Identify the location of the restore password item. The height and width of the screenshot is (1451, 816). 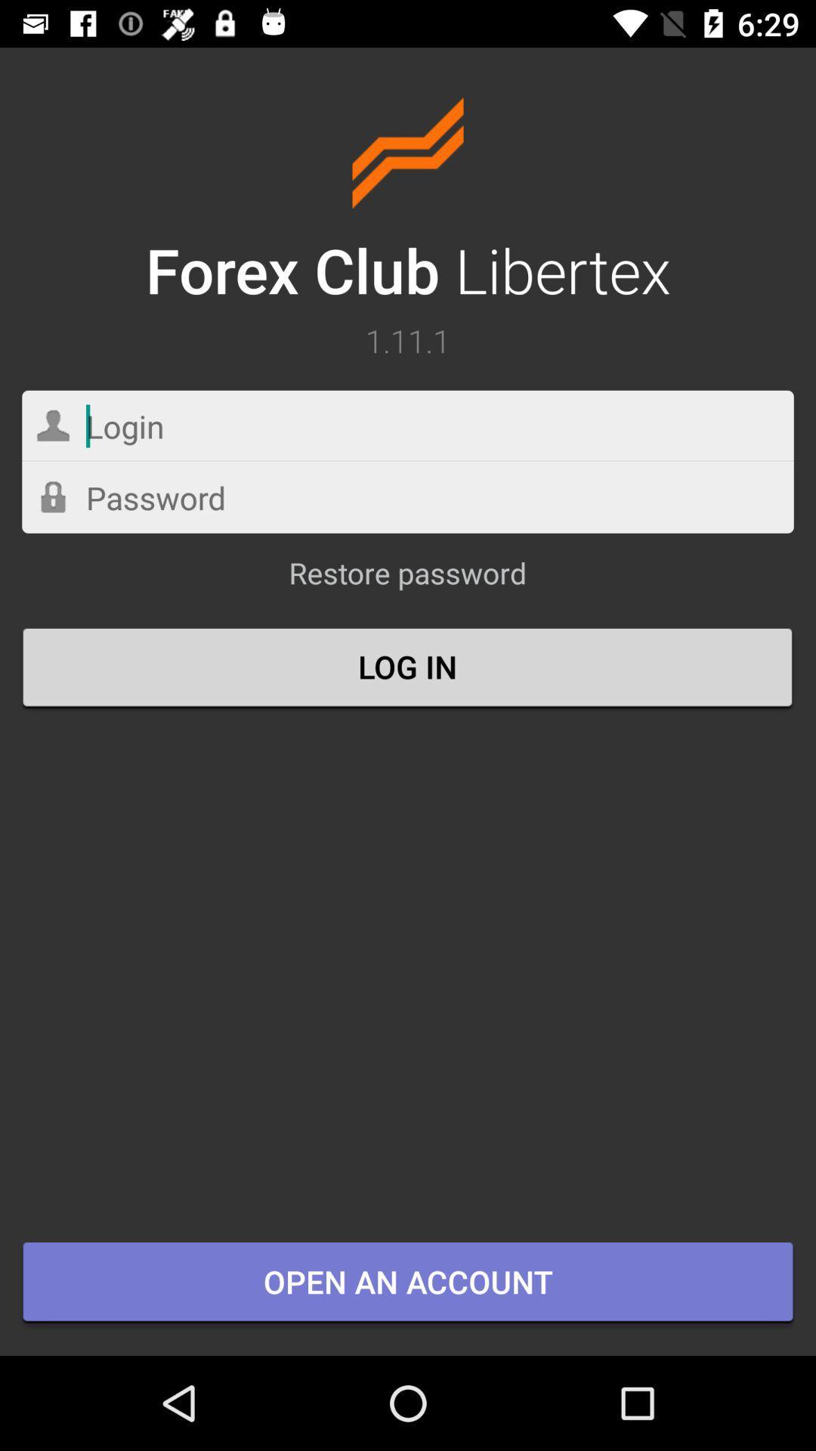
(406, 580).